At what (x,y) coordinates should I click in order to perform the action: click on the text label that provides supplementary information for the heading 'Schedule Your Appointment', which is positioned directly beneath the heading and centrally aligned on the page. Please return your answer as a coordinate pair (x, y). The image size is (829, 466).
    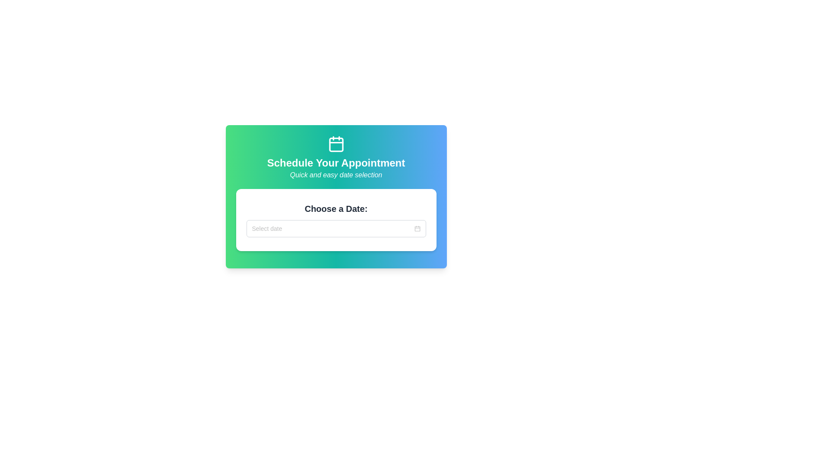
    Looking at the image, I should click on (335, 175).